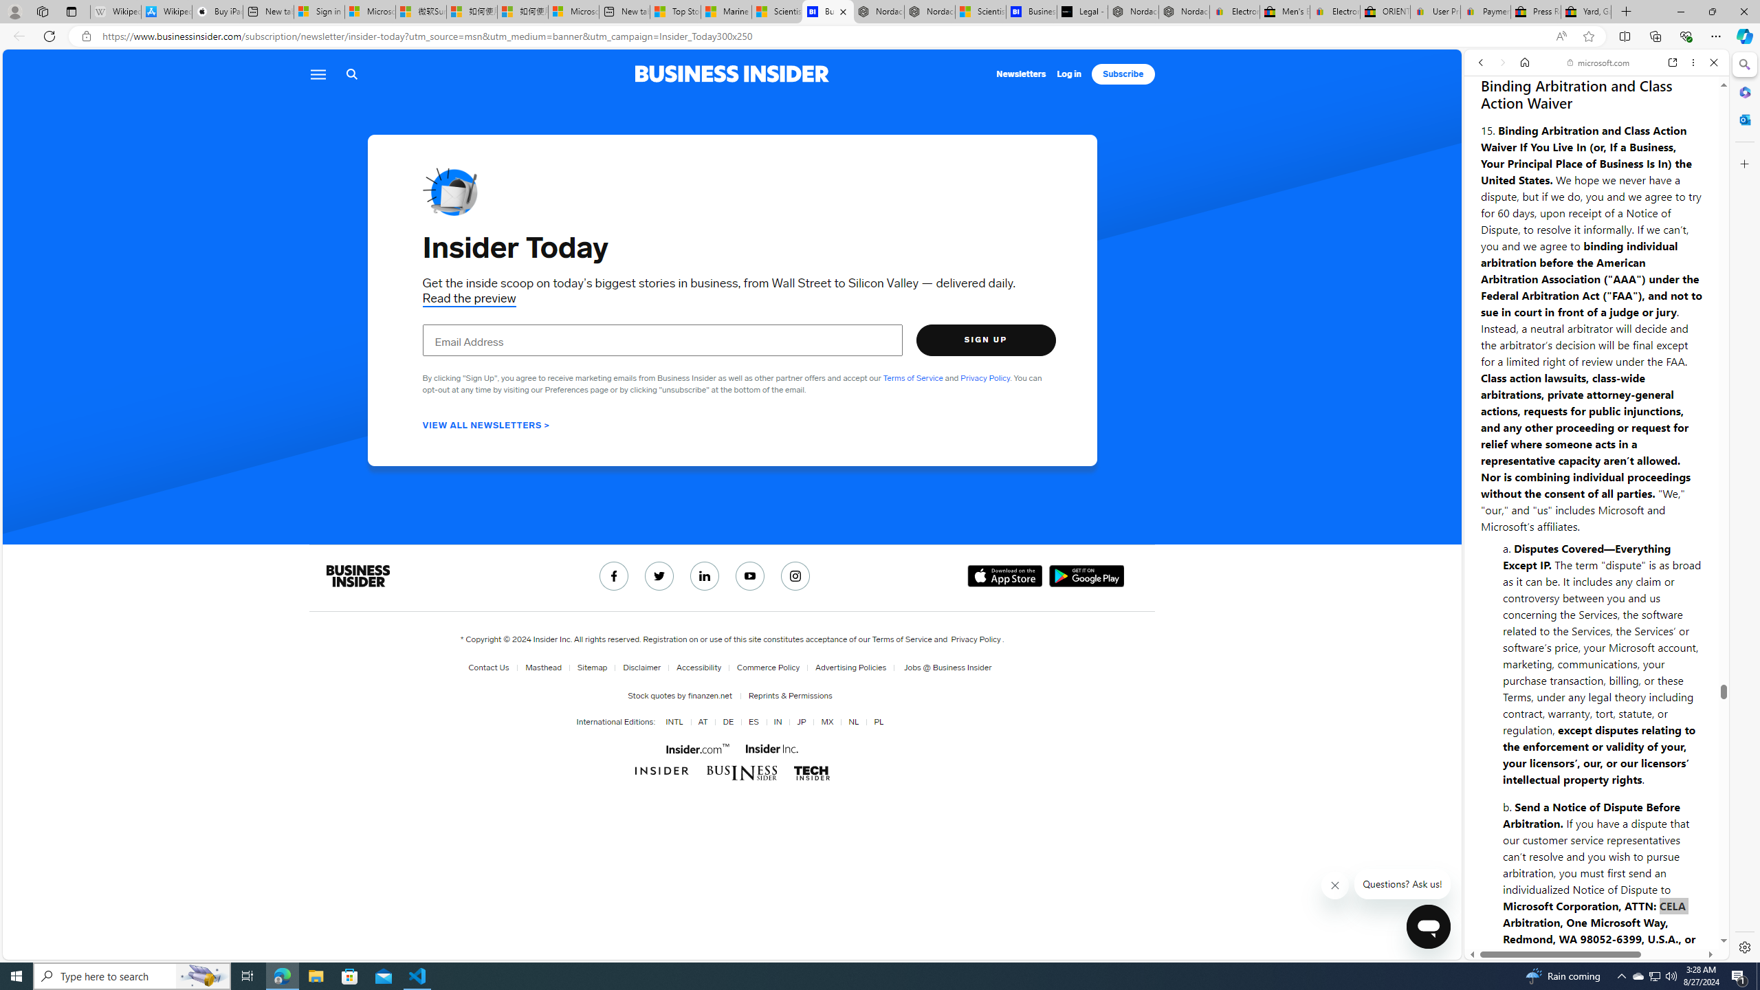 This screenshot has width=1760, height=990. What do you see at coordinates (588, 667) in the screenshot?
I see `'Sitemap'` at bounding box center [588, 667].